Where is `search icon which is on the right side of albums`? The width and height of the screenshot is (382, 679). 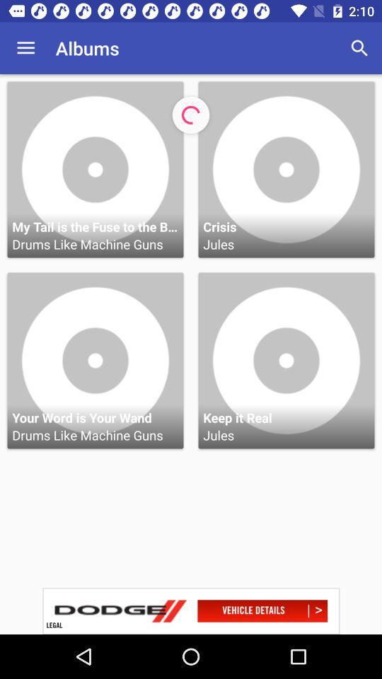
search icon which is on the right side of albums is located at coordinates (359, 48).